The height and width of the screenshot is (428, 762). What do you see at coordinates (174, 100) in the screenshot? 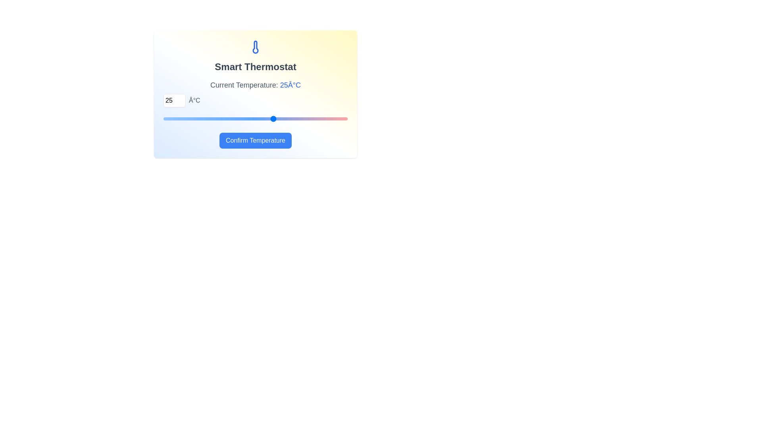
I see `the temperature to 25°C using the input field` at bounding box center [174, 100].